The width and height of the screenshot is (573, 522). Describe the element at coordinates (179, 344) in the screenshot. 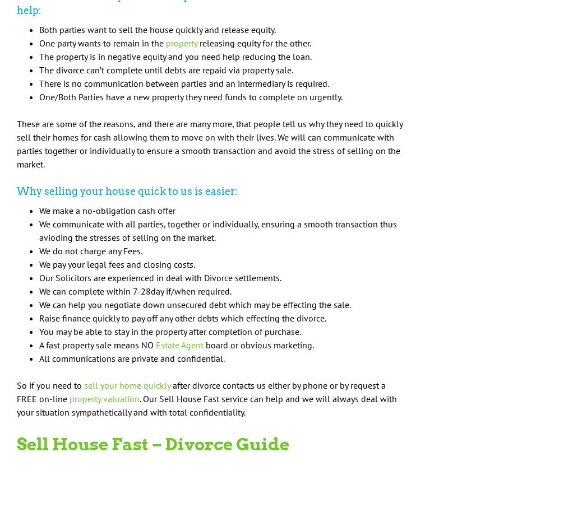

I see `'Estate Agent'` at that location.